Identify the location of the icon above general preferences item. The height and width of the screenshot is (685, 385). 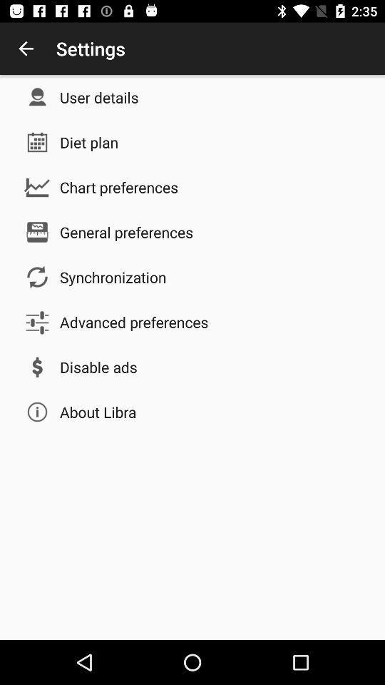
(118, 186).